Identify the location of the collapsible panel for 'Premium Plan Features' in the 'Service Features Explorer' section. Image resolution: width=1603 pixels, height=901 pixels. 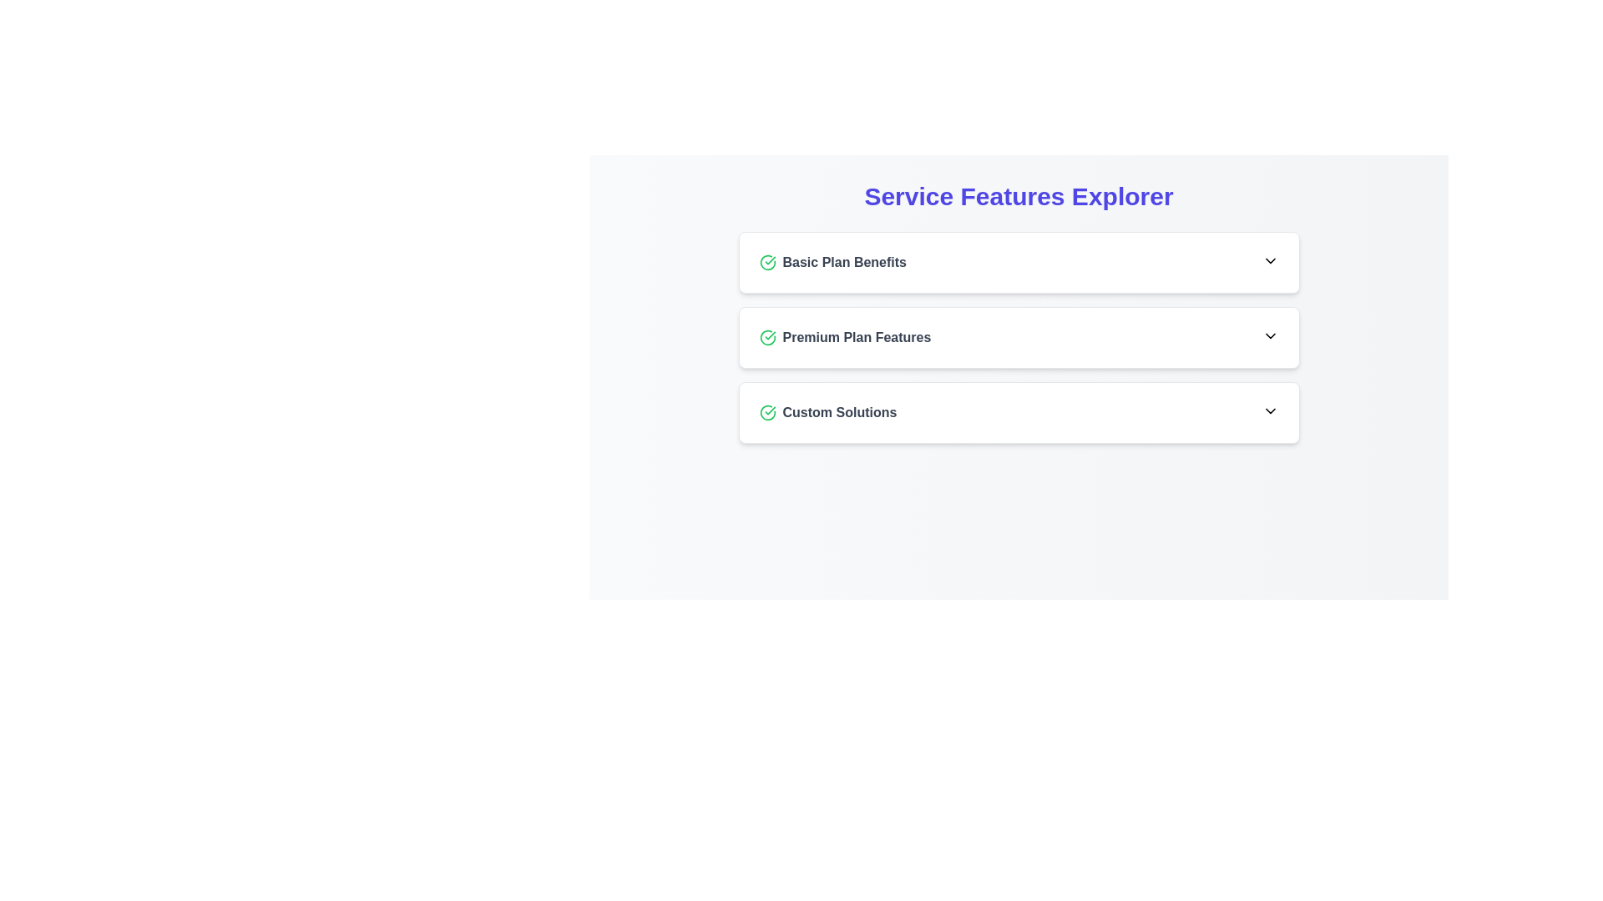
(1018, 312).